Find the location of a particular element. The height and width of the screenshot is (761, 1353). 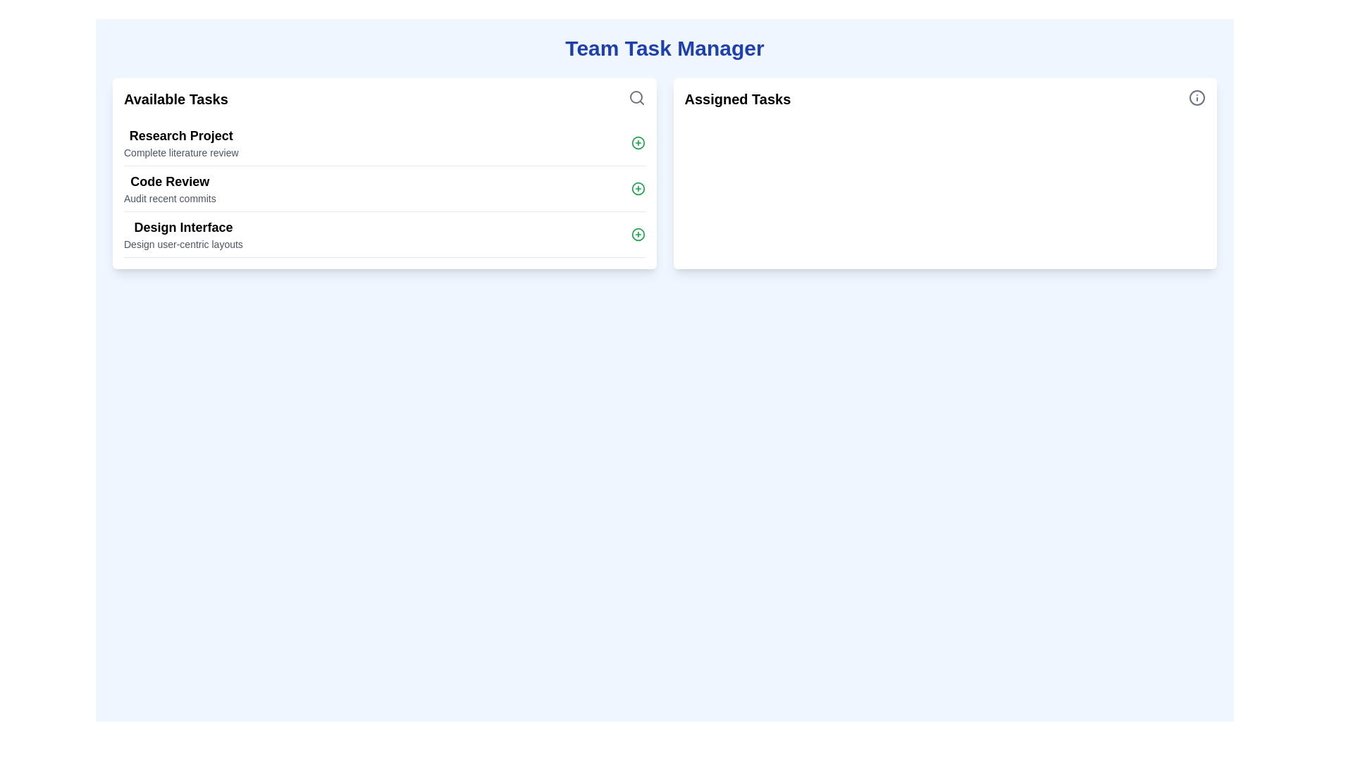

the icon button located at the right of the task title and description in the 'Available Tasks' section is located at coordinates (637, 233).